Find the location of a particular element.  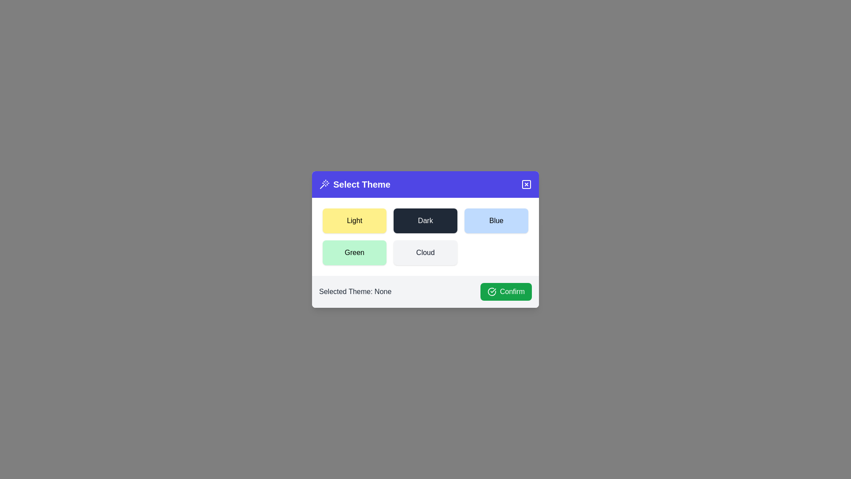

the theme Cloud from the available options is located at coordinates (425, 253).